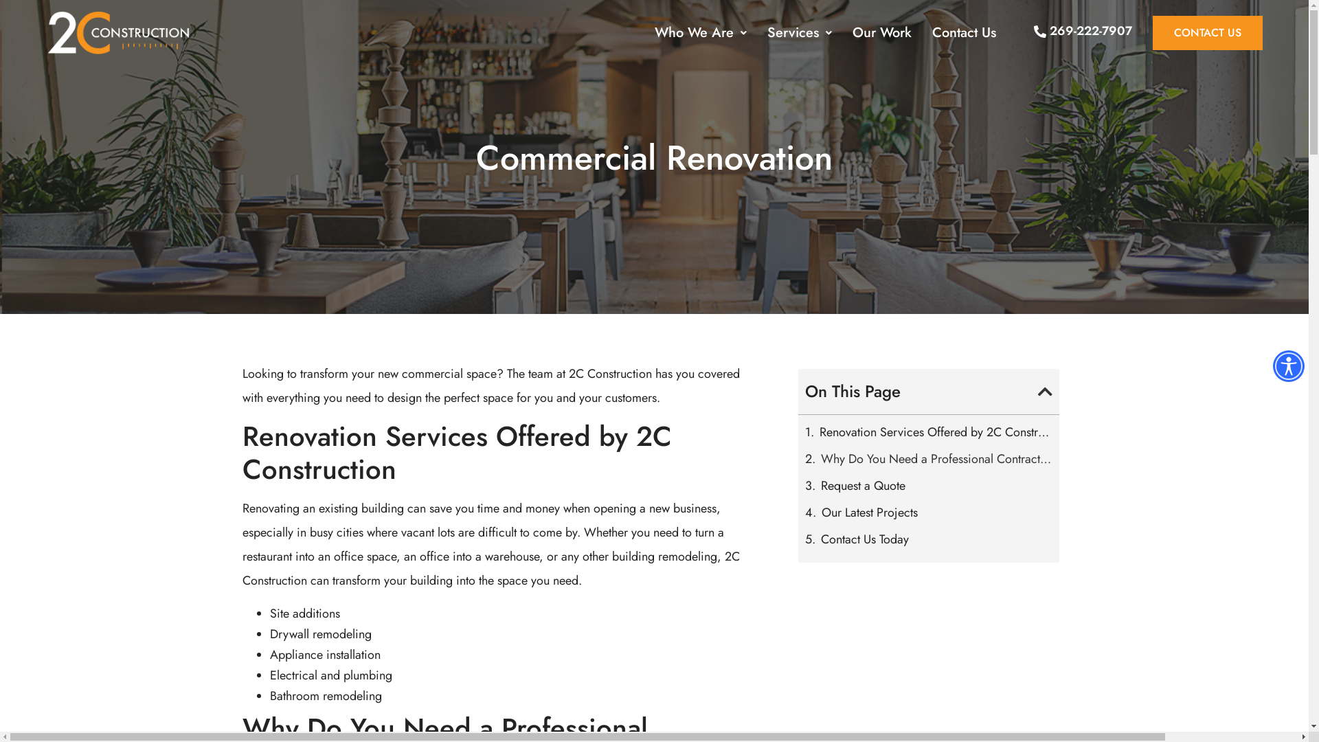  Describe the element at coordinates (936, 458) in the screenshot. I see `'Why Do You Need a Professional Contractor?'` at that location.